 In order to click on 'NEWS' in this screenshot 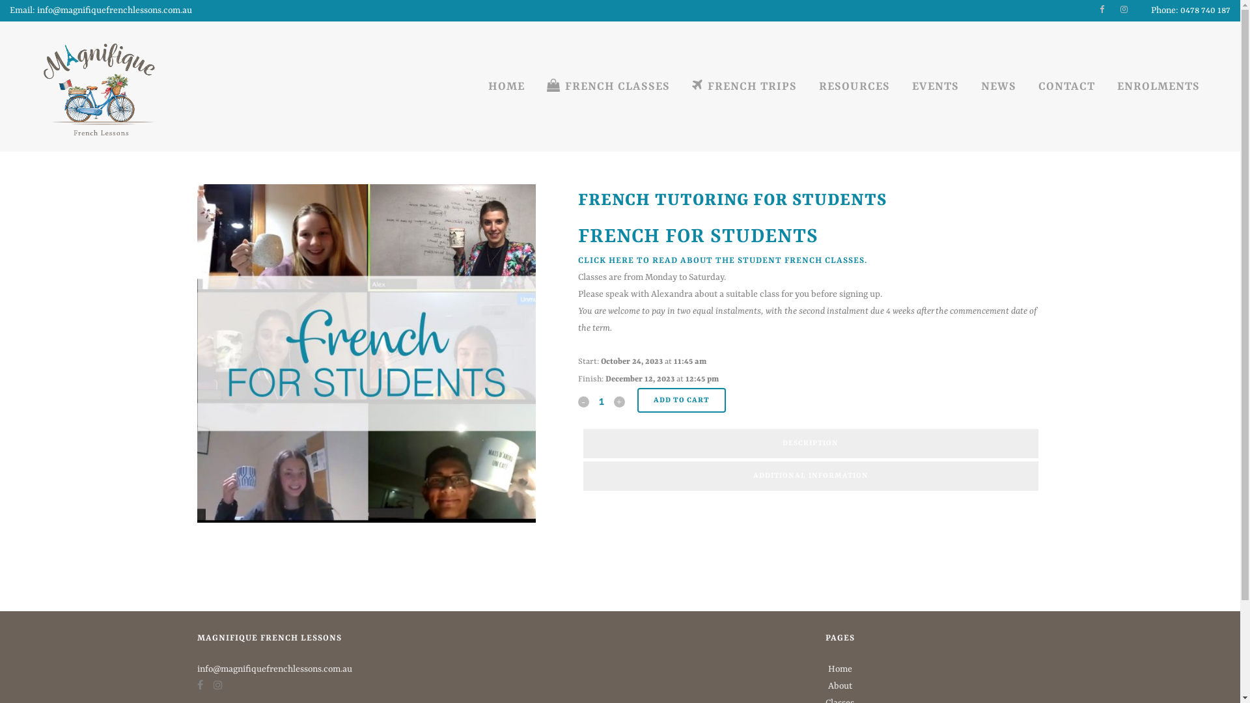, I will do `click(969, 86)`.